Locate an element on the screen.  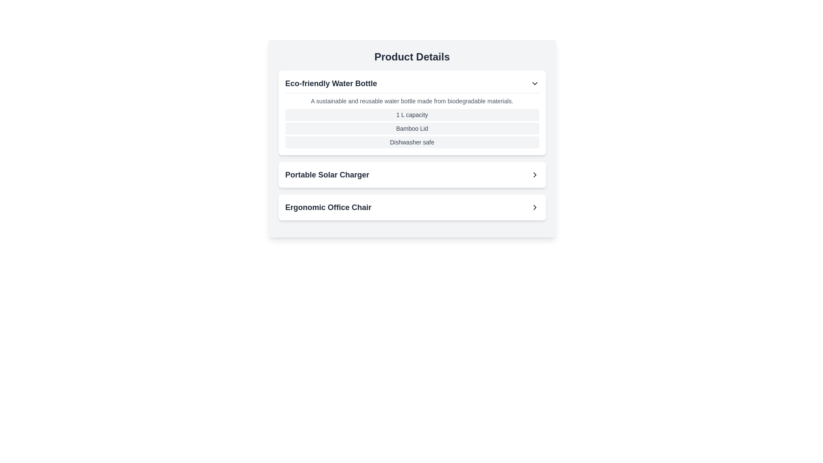
the interactive button that allows the user is located at coordinates (412, 207).